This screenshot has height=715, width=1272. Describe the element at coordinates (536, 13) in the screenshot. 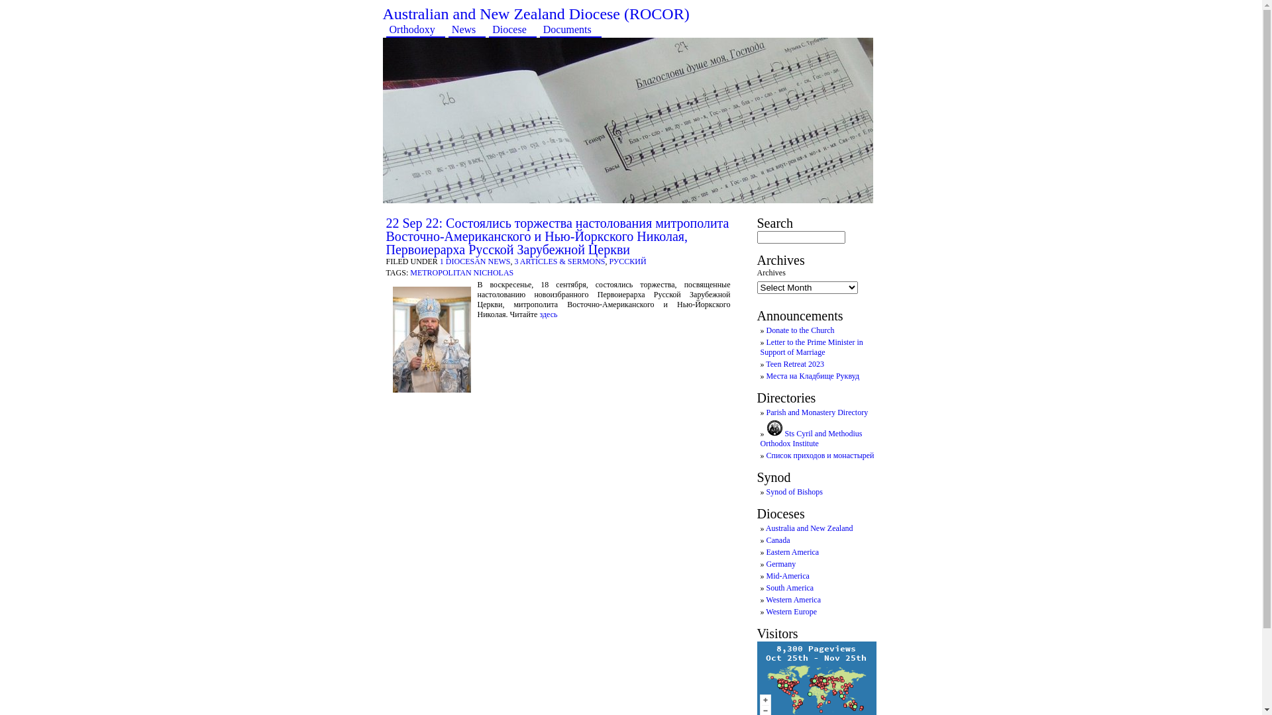

I see `'Australian and New Zealand Diocese (ROCOR)'` at that location.